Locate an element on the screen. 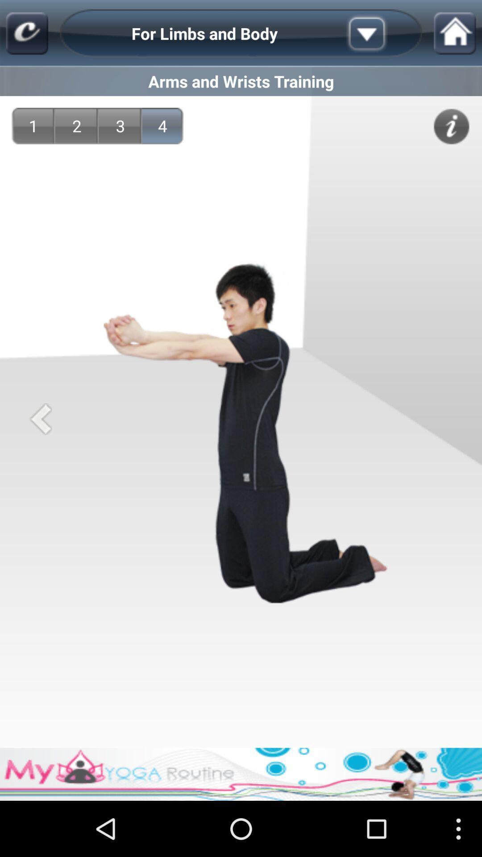 This screenshot has width=482, height=857. app to the right of the for limbs and app is located at coordinates (381, 33).